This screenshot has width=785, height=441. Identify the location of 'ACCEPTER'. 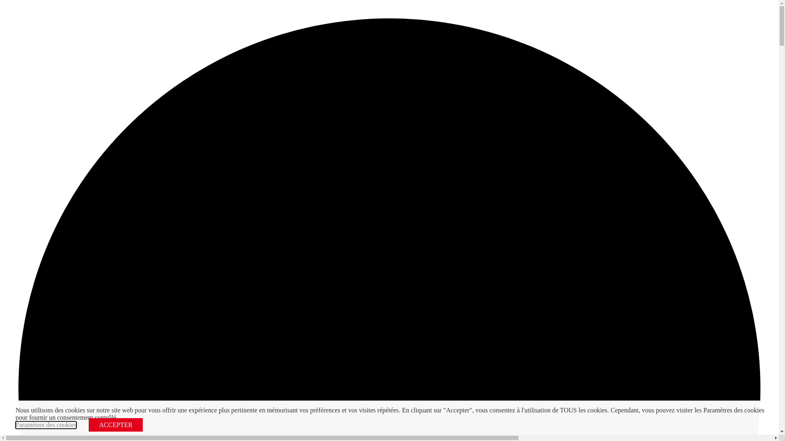
(115, 424).